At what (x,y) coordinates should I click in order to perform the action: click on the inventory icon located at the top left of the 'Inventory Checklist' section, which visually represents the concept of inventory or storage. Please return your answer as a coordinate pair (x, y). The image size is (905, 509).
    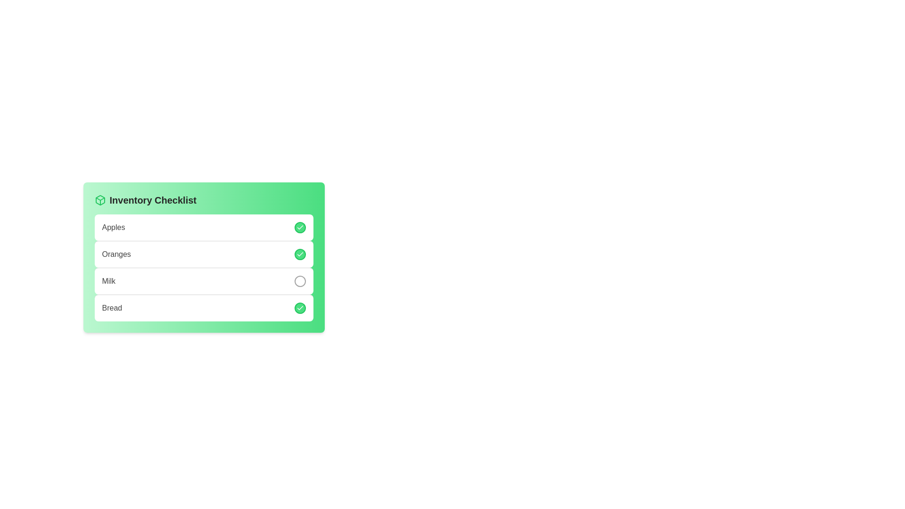
    Looking at the image, I should click on (100, 199).